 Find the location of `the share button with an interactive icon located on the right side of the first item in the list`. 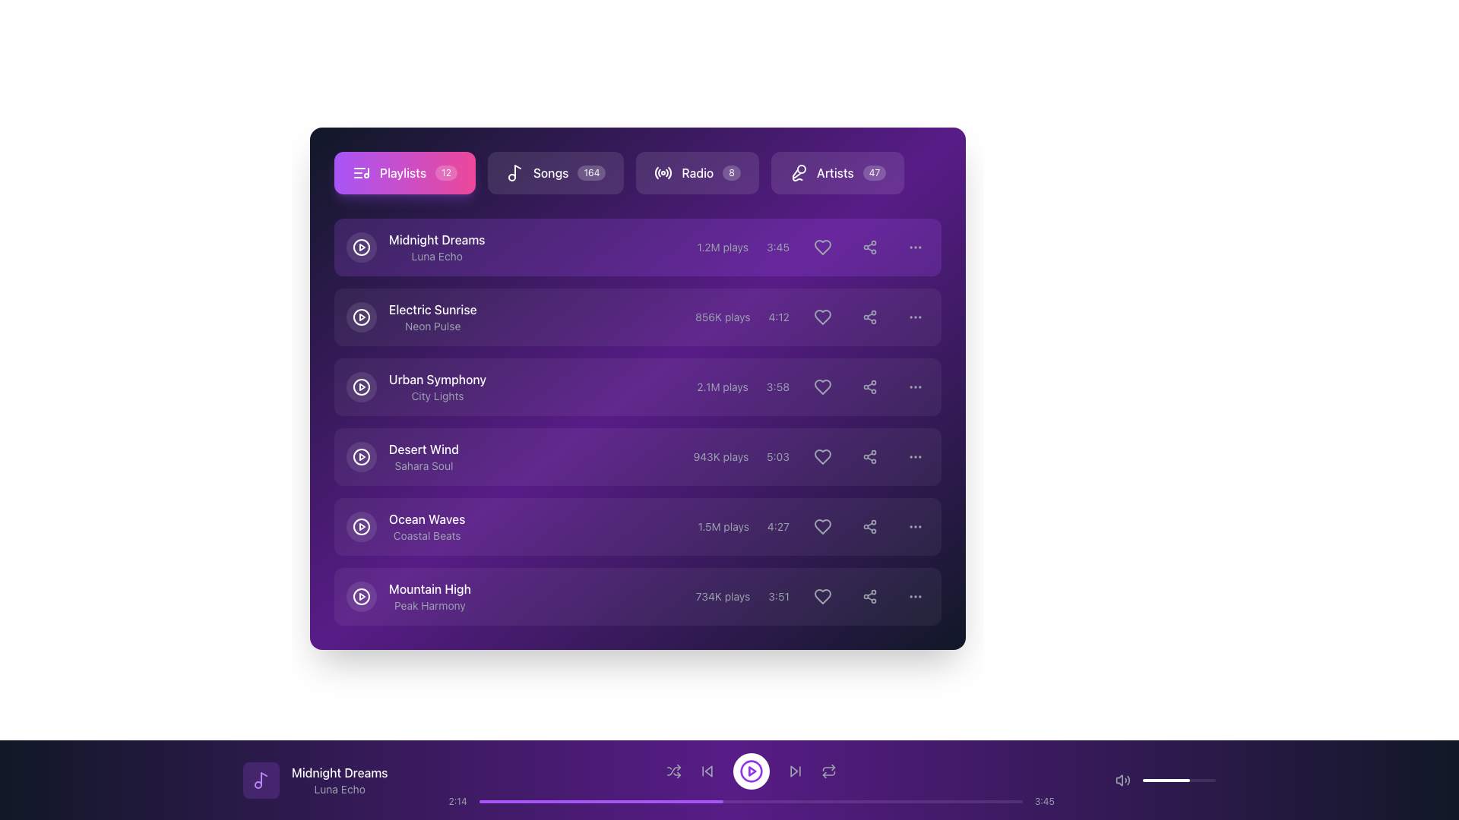

the share button with an interactive icon located on the right side of the first item in the list is located at coordinates (870, 247).